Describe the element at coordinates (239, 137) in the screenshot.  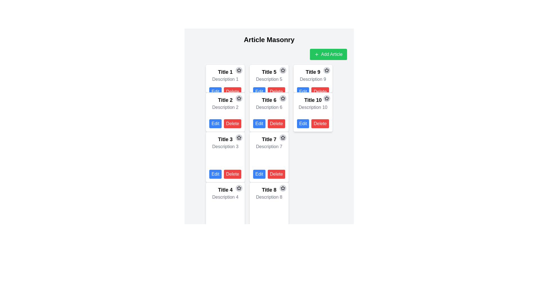
I see `the outlined star icon button located at the top-right corner of the card labeled 'Title 3'` at that location.